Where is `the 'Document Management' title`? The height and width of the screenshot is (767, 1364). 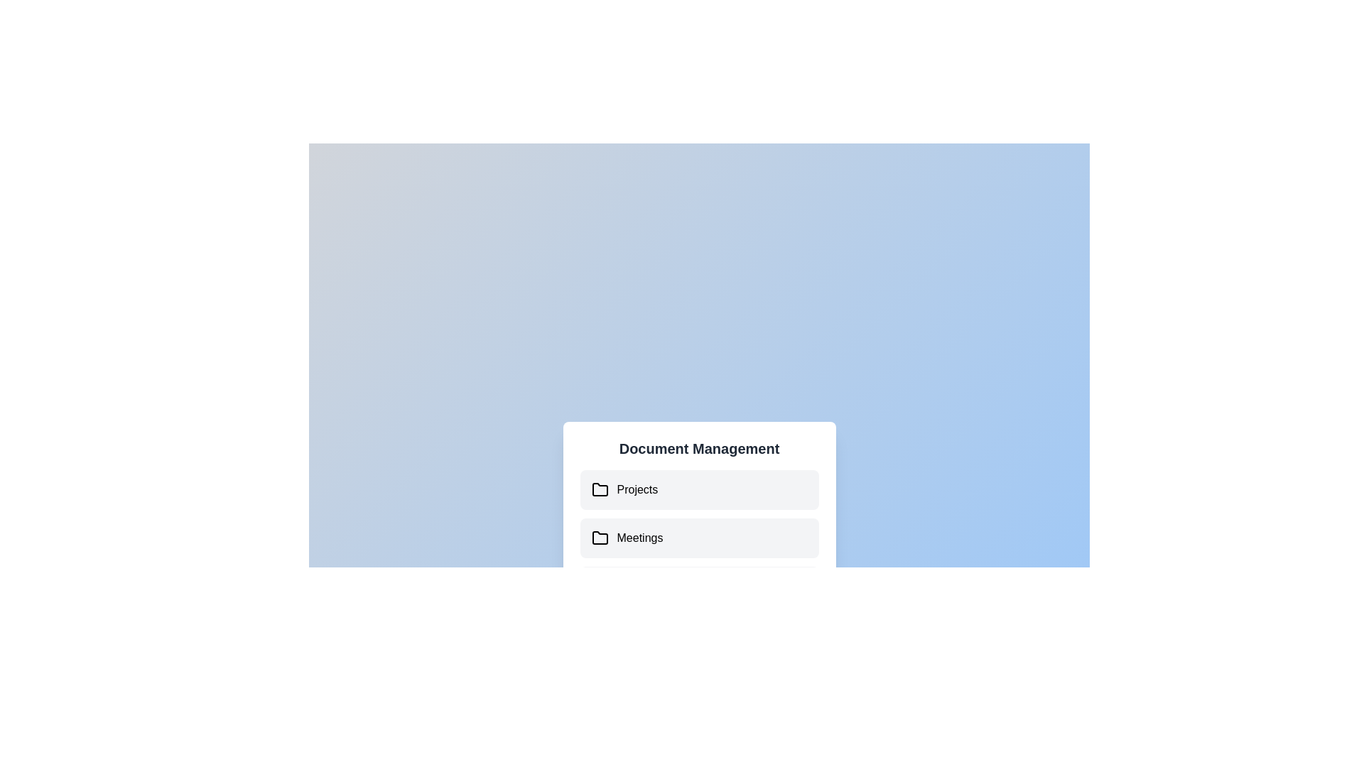
the 'Document Management' title is located at coordinates (699, 449).